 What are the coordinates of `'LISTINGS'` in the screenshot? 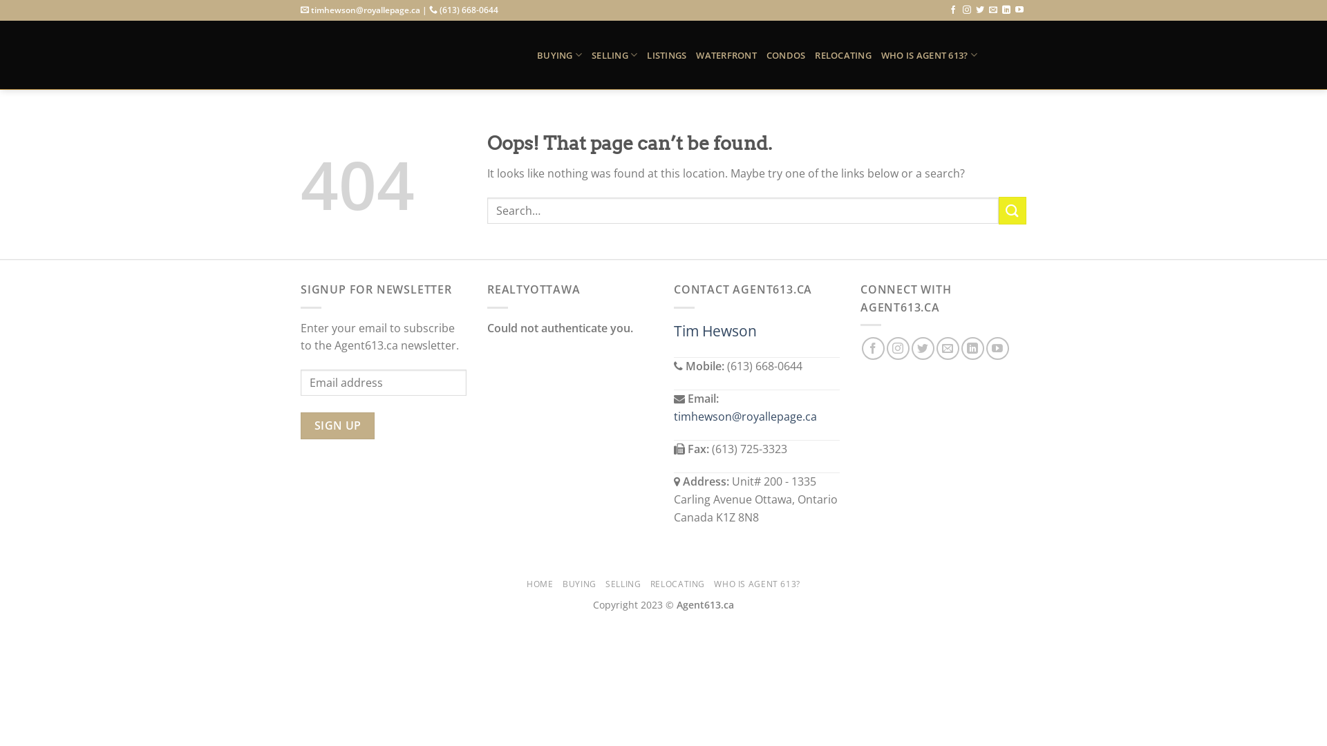 It's located at (666, 55).